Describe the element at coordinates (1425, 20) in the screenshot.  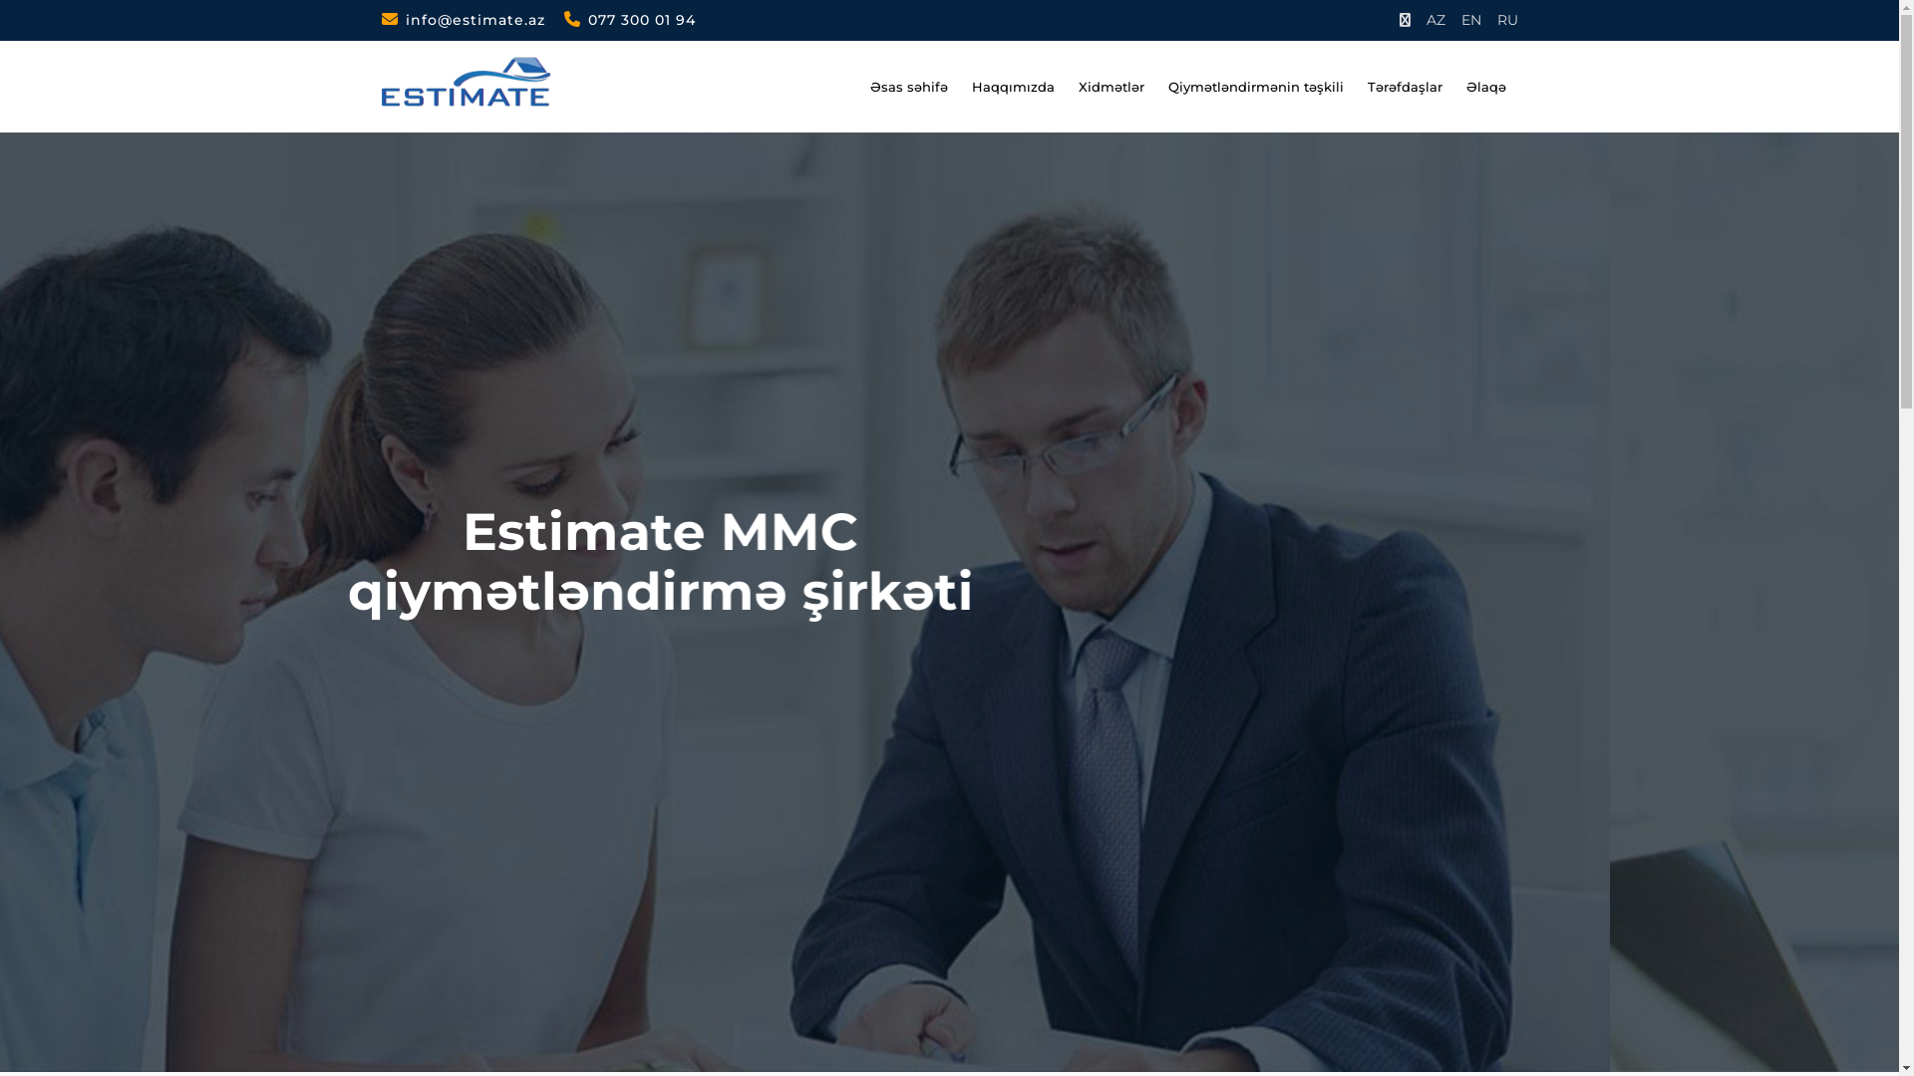
I see `'AZ'` at that location.